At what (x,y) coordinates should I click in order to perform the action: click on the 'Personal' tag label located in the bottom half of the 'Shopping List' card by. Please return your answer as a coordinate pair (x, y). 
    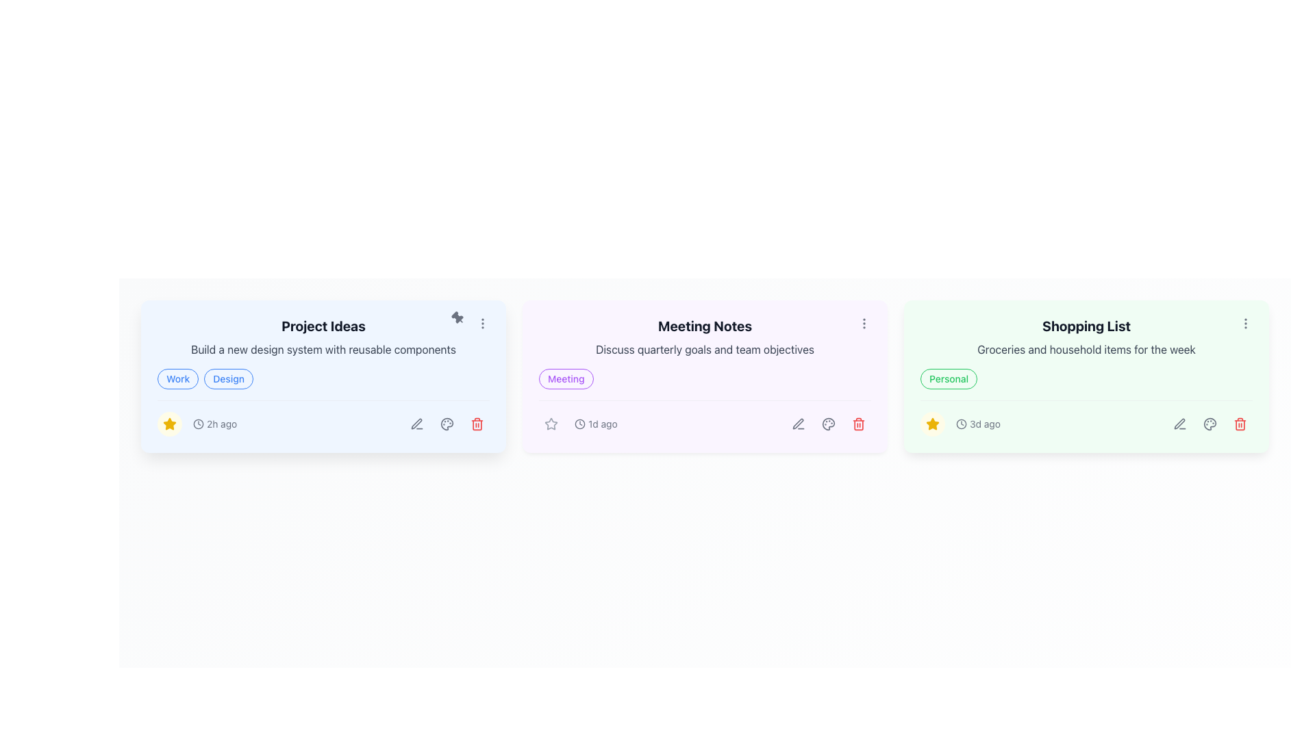
    Looking at the image, I should click on (1086, 379).